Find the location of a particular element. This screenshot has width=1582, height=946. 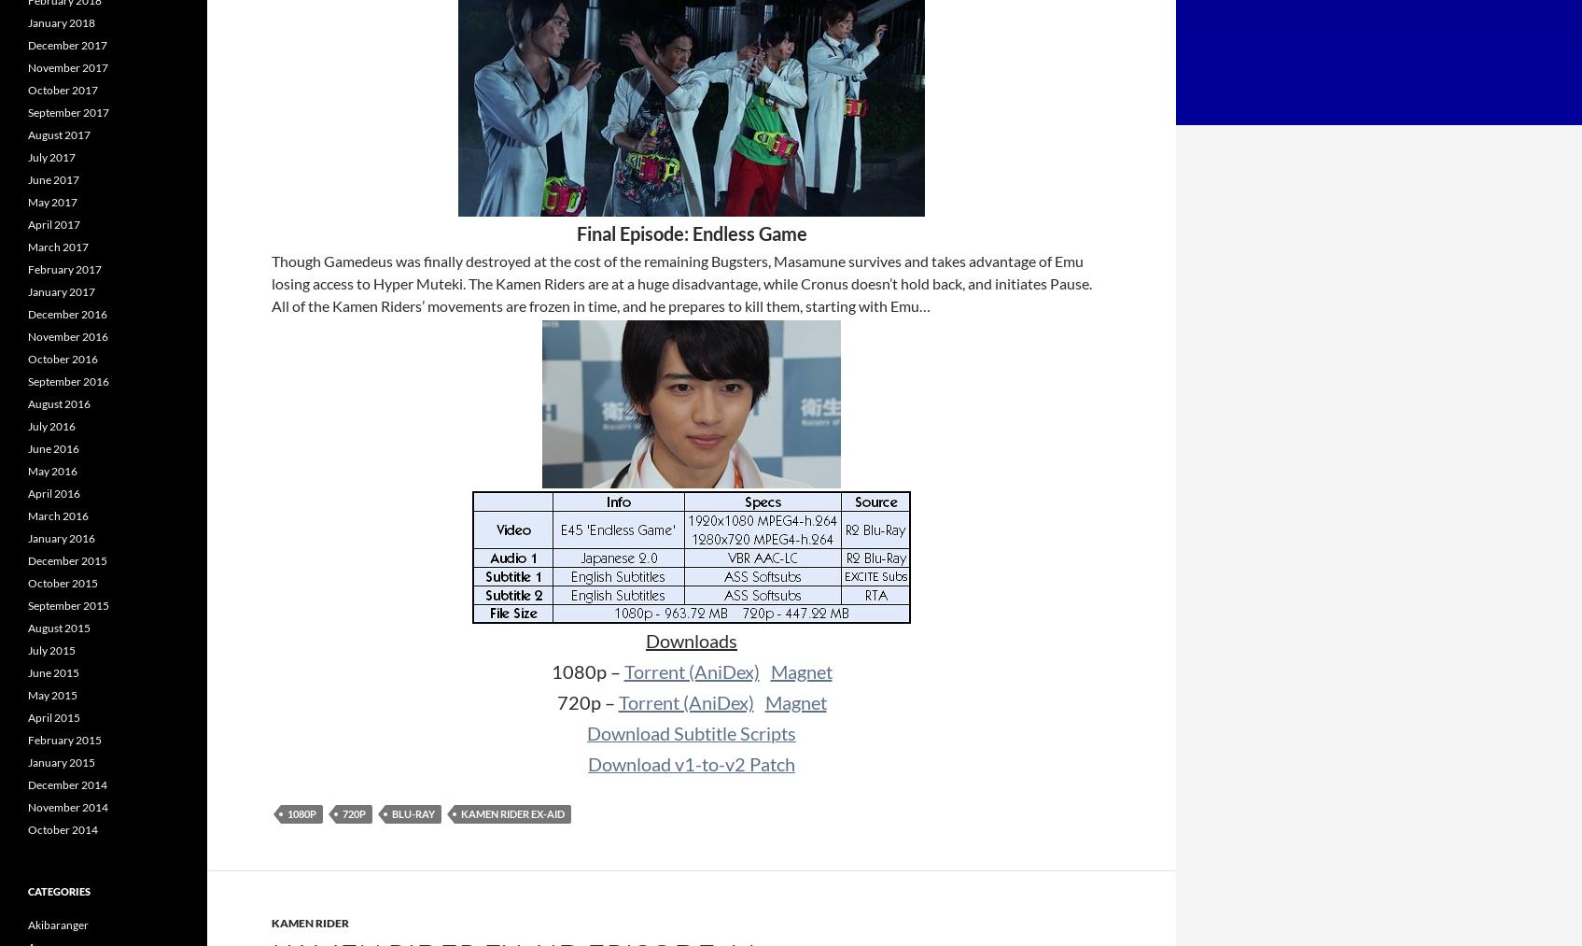

'December 2017' is located at coordinates (66, 44).